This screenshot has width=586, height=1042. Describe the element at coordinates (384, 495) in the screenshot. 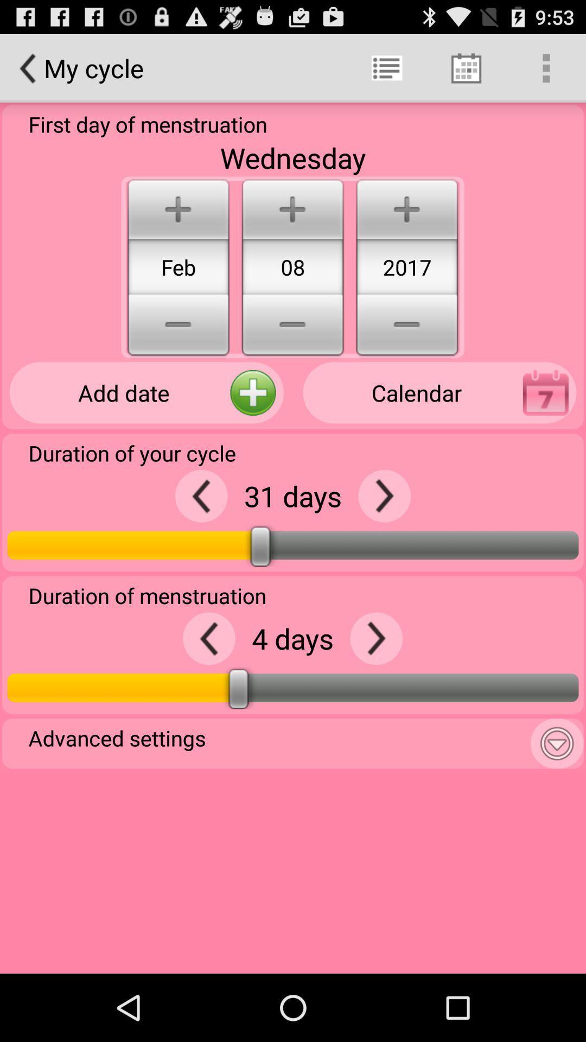

I see `days to duration of your cycle` at that location.